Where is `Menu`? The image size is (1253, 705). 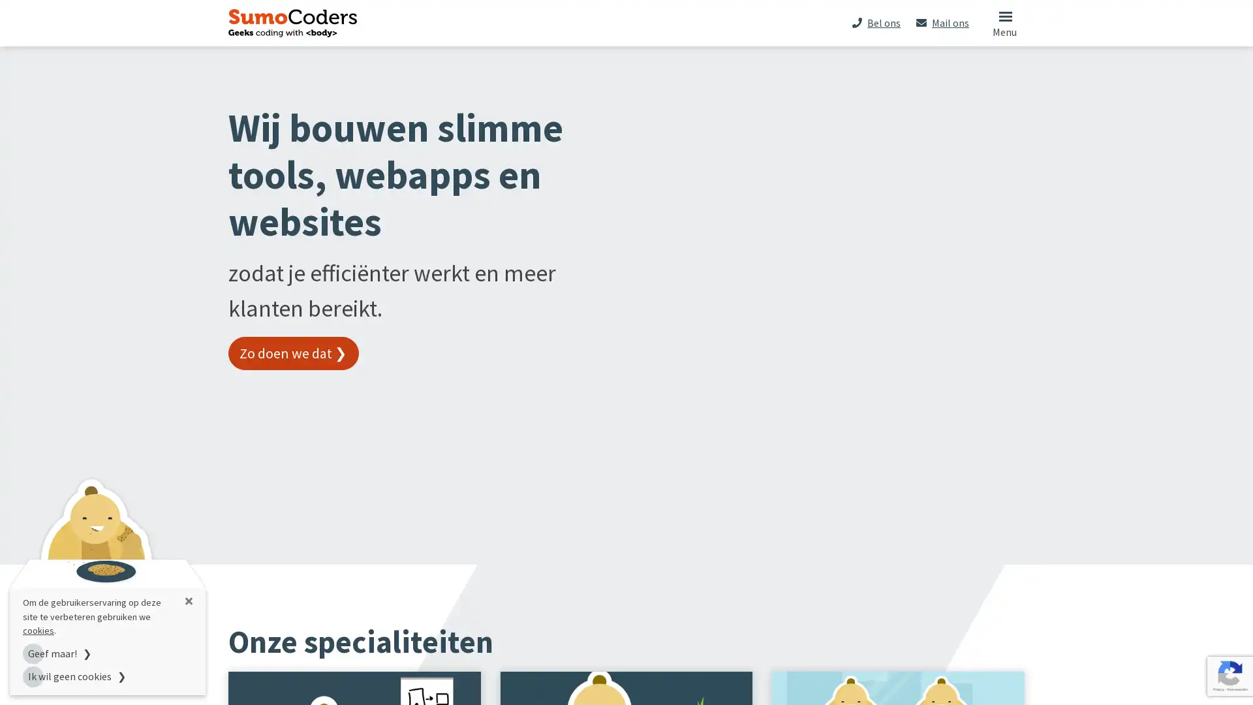 Menu is located at coordinates (1004, 22).